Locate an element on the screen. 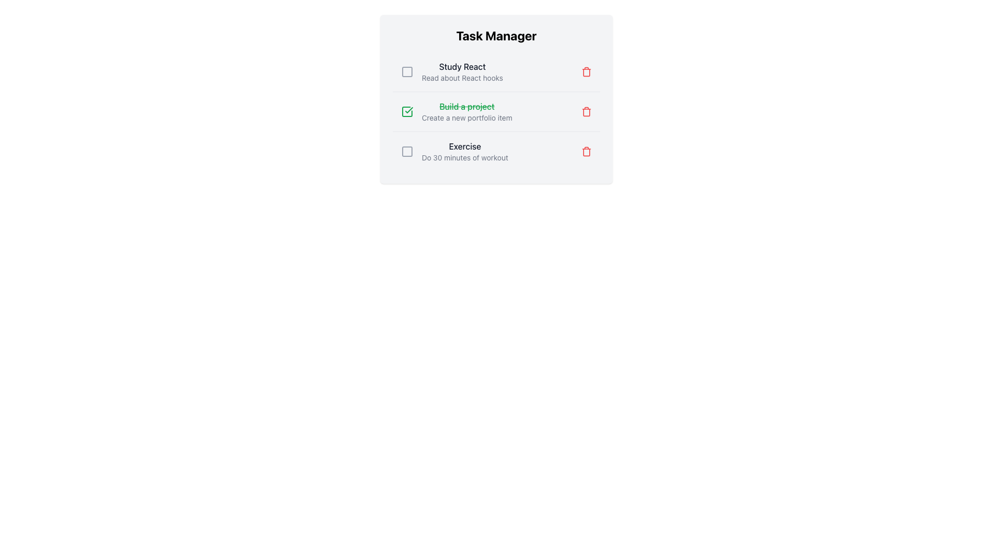 The image size is (995, 559). the non-interactive red outlined square icon with rounded corners located next to the text 'Study React' in the Task Manager section is located at coordinates (407, 71).